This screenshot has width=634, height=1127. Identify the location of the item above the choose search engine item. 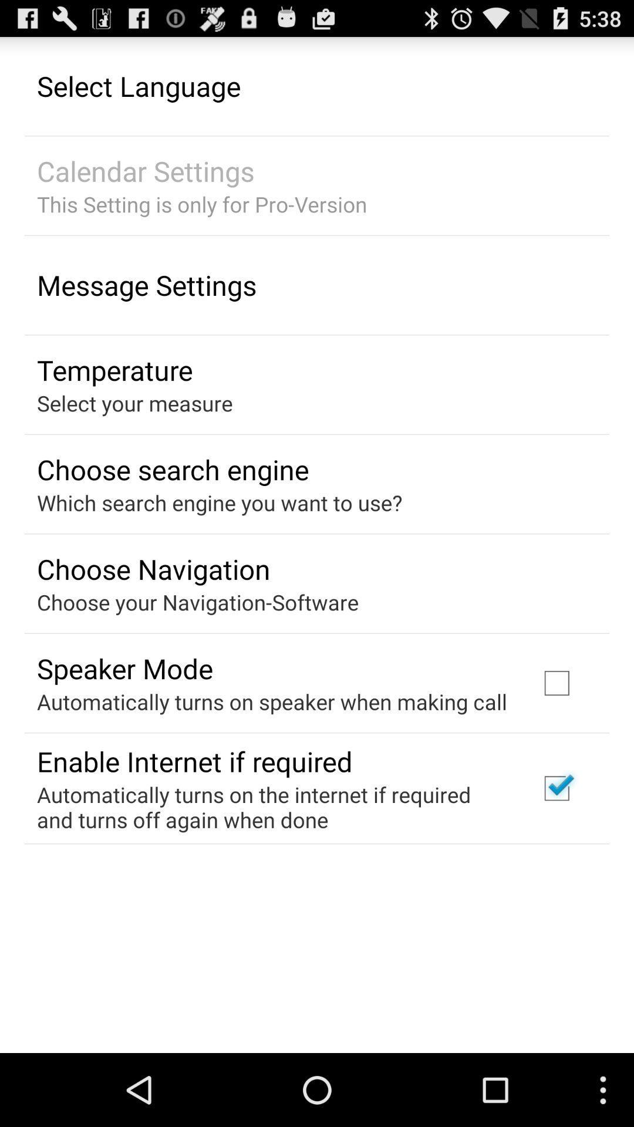
(134, 403).